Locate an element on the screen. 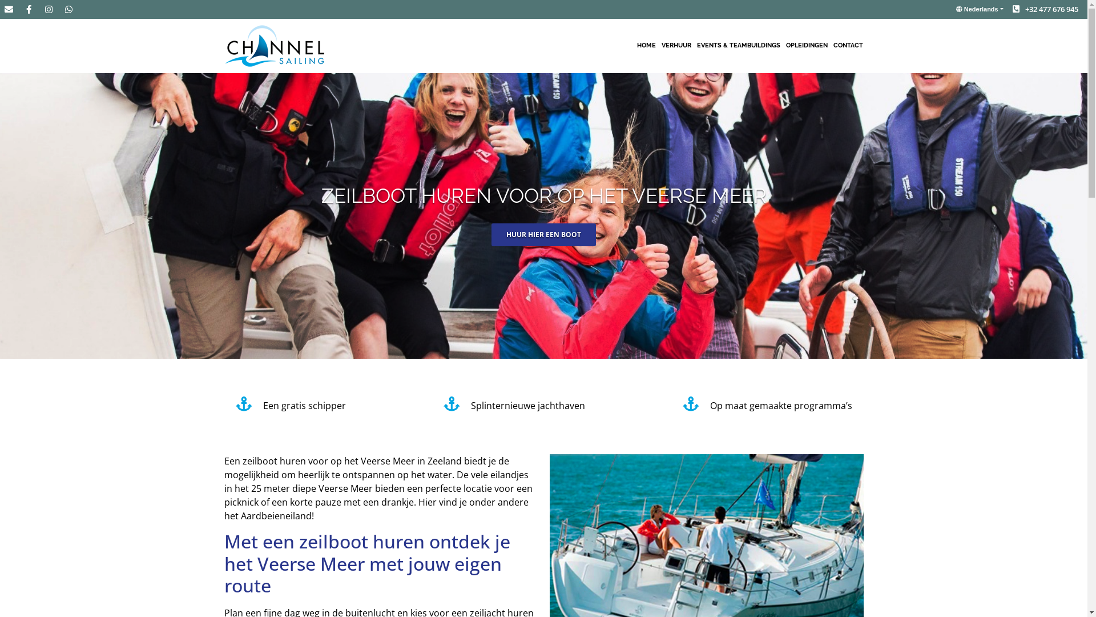 The height and width of the screenshot is (617, 1096). 'CONTACT' is located at coordinates (848, 45).